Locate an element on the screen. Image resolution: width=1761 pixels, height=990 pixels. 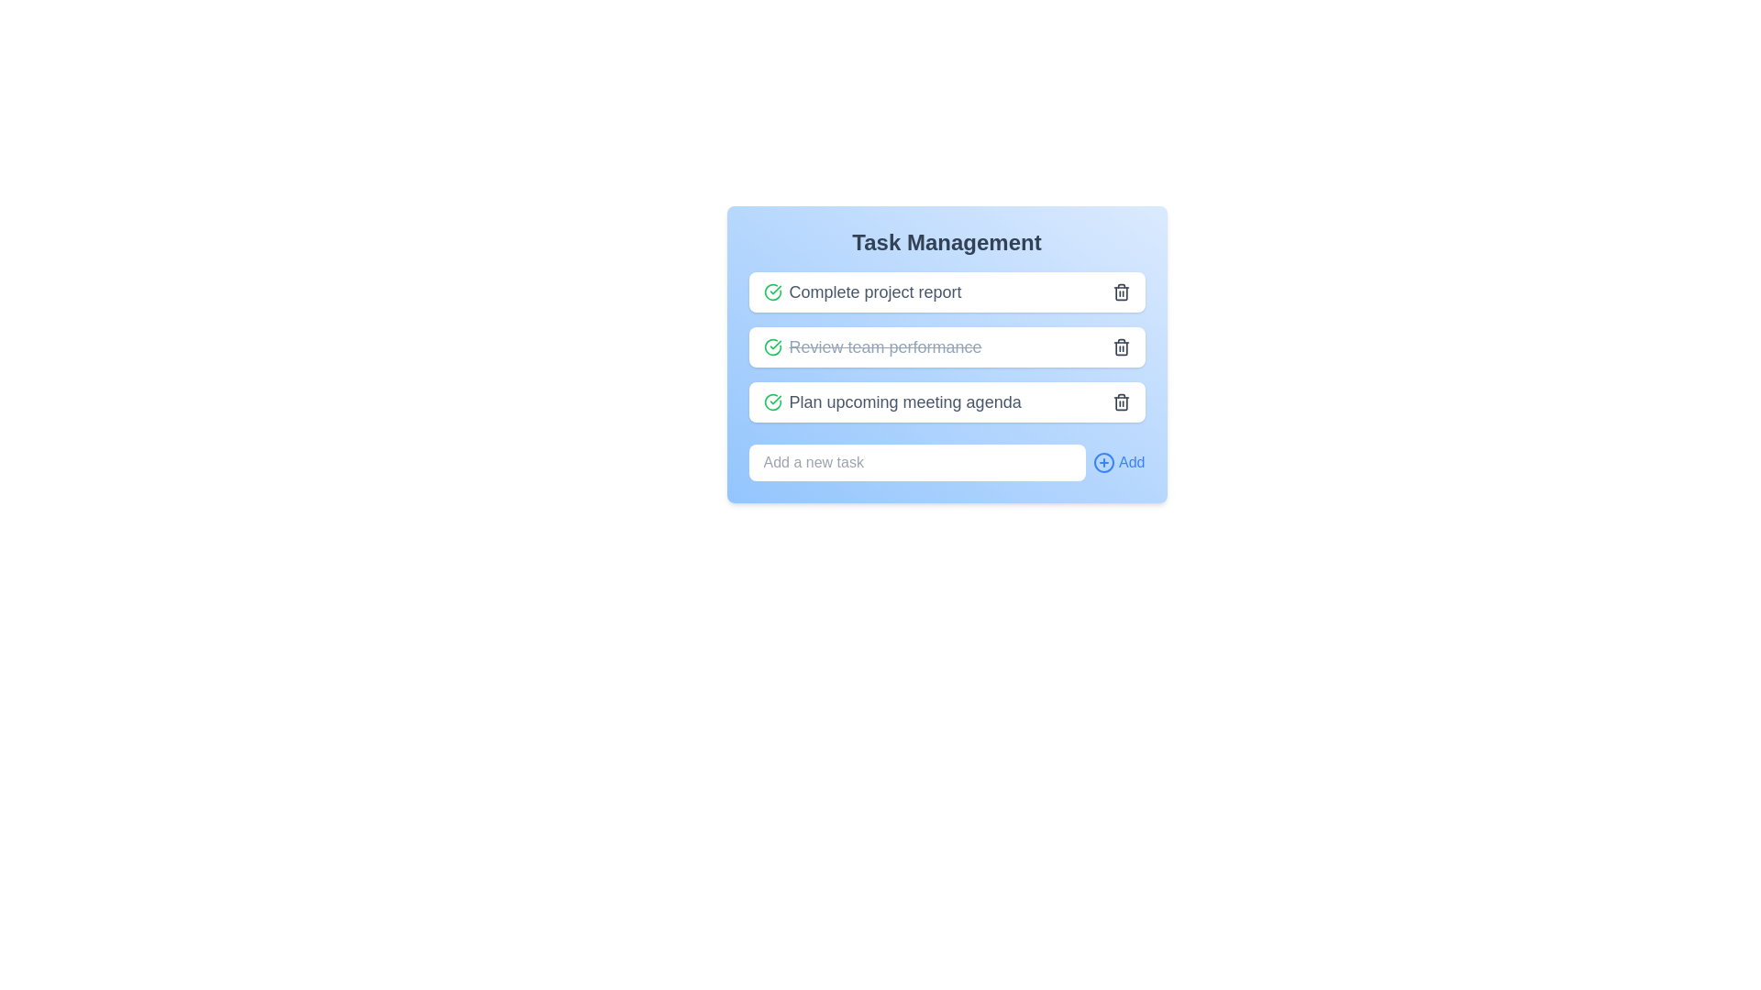
text label 'Plan upcoming meeting agenda' in the task management application, which is the third task in the list inside the 'Task Management' card is located at coordinates (892, 401).